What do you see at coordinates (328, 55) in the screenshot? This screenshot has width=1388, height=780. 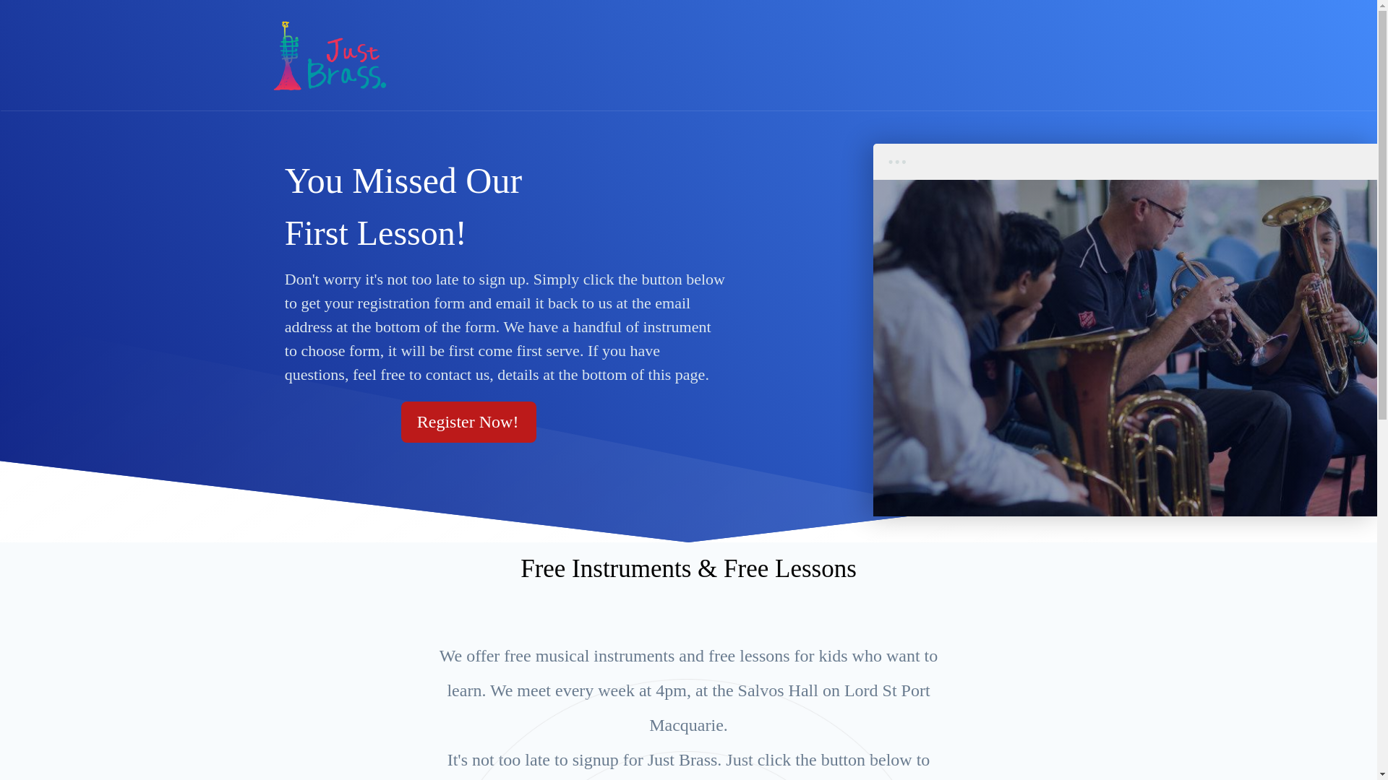 I see `'JustBrass'` at bounding box center [328, 55].